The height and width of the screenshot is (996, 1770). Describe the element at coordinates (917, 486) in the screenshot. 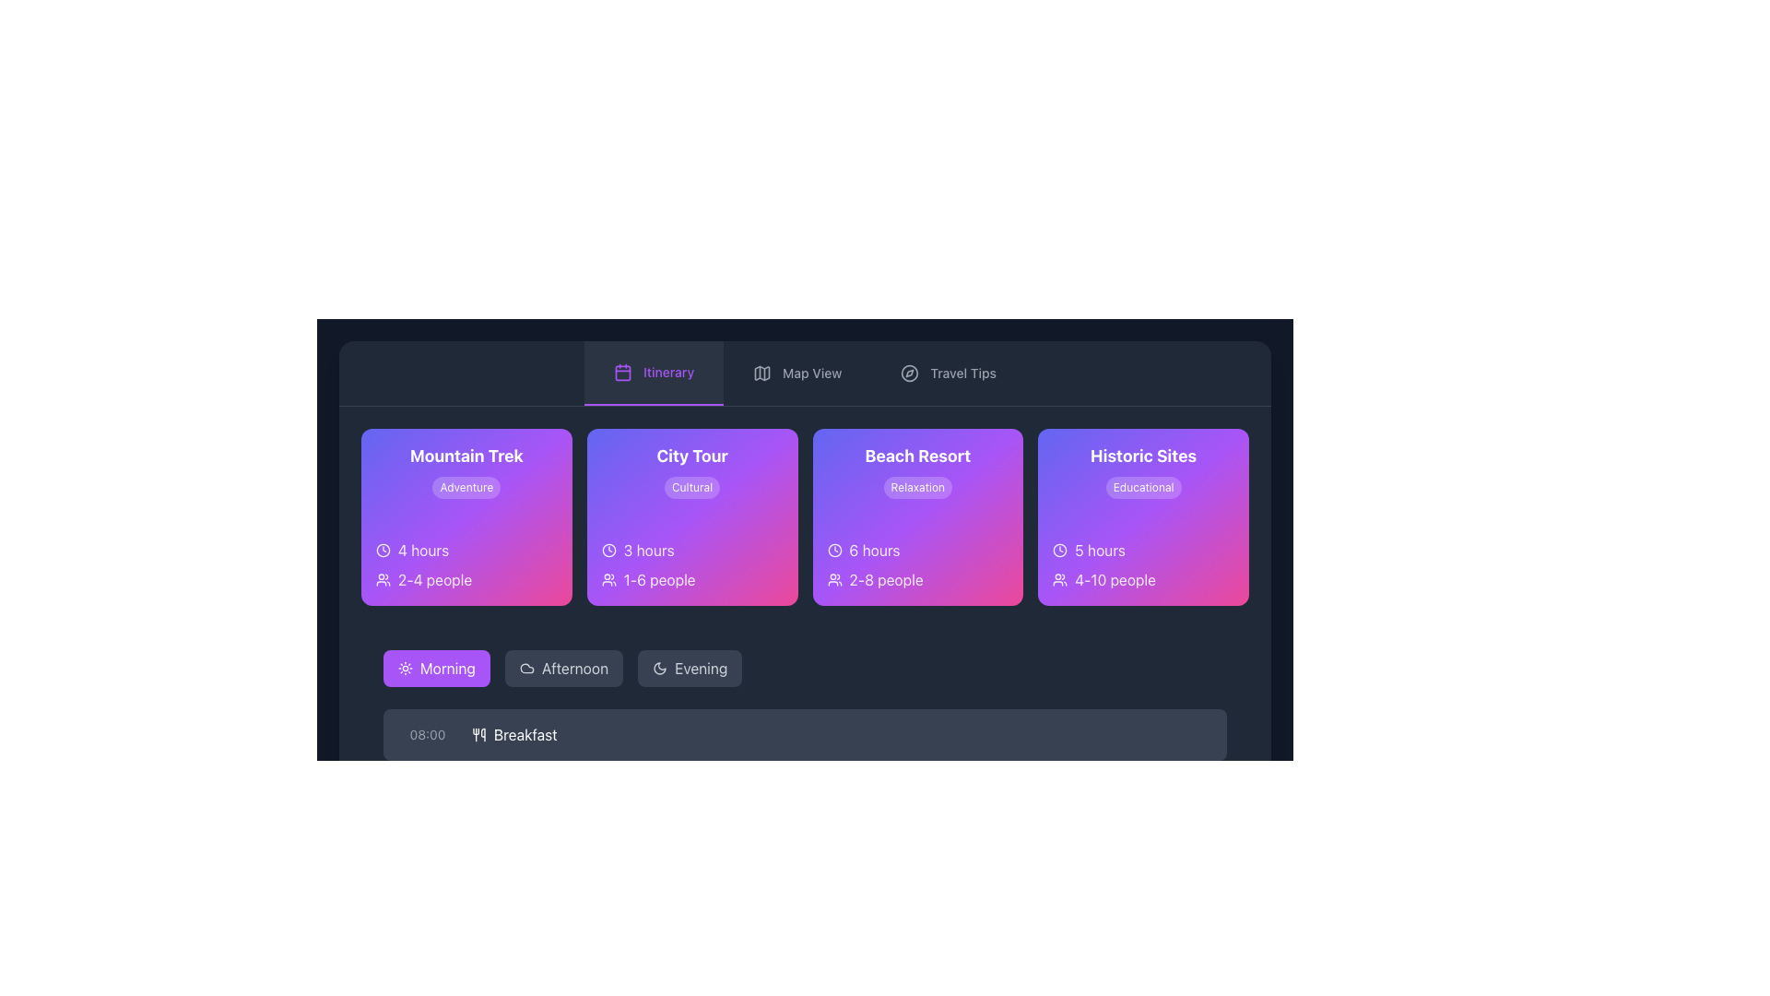

I see `the 'Relaxation' tag, which is a small pill-shaped label with rounded corners located within the 'Beach Resort' card` at that location.